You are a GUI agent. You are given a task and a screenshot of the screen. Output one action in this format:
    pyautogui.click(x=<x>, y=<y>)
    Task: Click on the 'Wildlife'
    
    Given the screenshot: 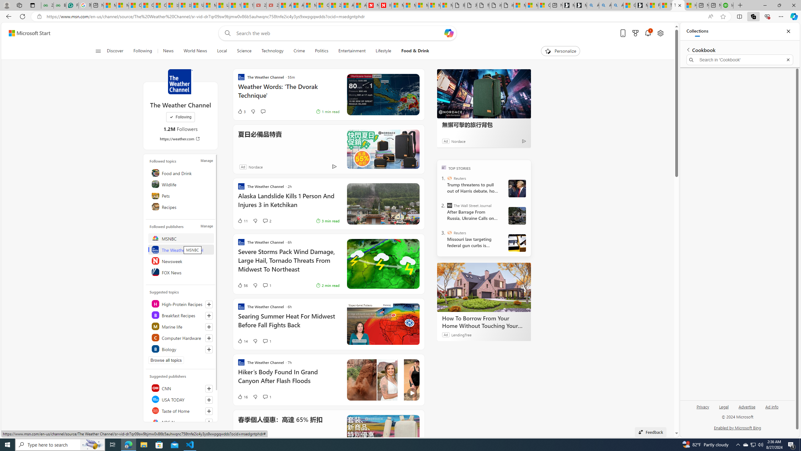 What is the action you would take?
    pyautogui.click(x=181, y=184)
    